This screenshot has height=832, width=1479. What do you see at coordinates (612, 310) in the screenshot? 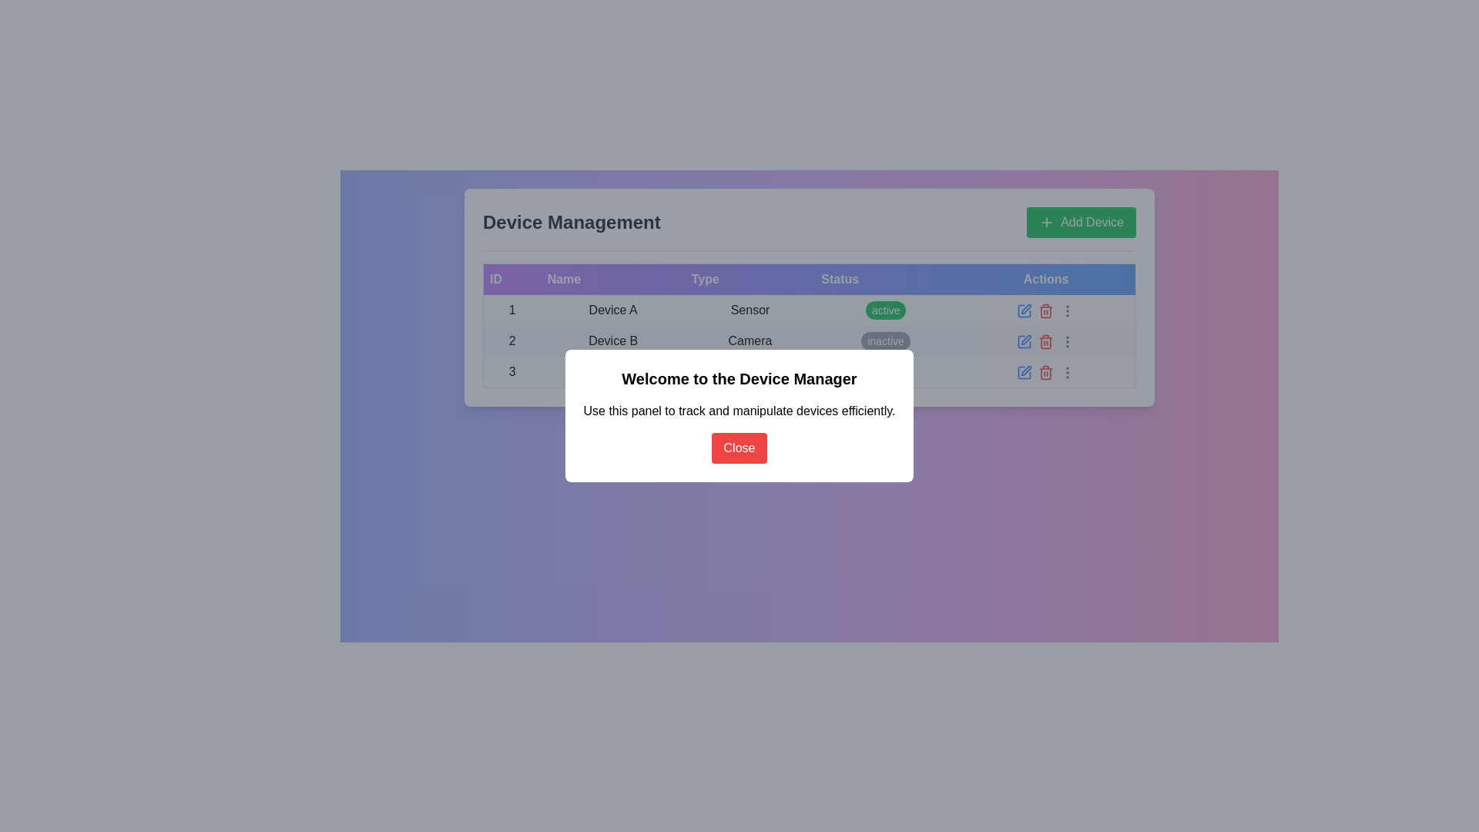
I see `the text label displaying 'Device A' located in the second column of the first row of the table` at bounding box center [612, 310].